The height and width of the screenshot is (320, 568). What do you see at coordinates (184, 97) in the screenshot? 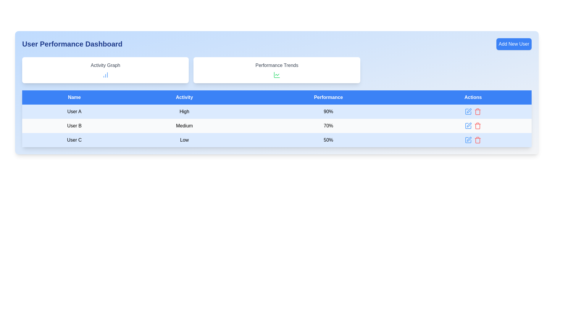
I see `the blue rectangular bar labeled 'Activity', which is the second column header in a table, positioned between the 'Name' and 'Performance' column headers` at bounding box center [184, 97].